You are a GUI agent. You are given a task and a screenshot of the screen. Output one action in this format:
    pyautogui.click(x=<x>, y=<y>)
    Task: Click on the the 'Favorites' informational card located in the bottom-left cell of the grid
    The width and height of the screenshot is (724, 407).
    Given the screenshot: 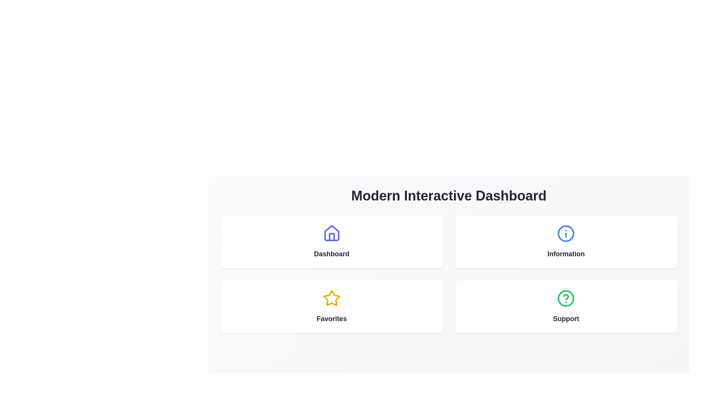 What is the action you would take?
    pyautogui.click(x=331, y=306)
    